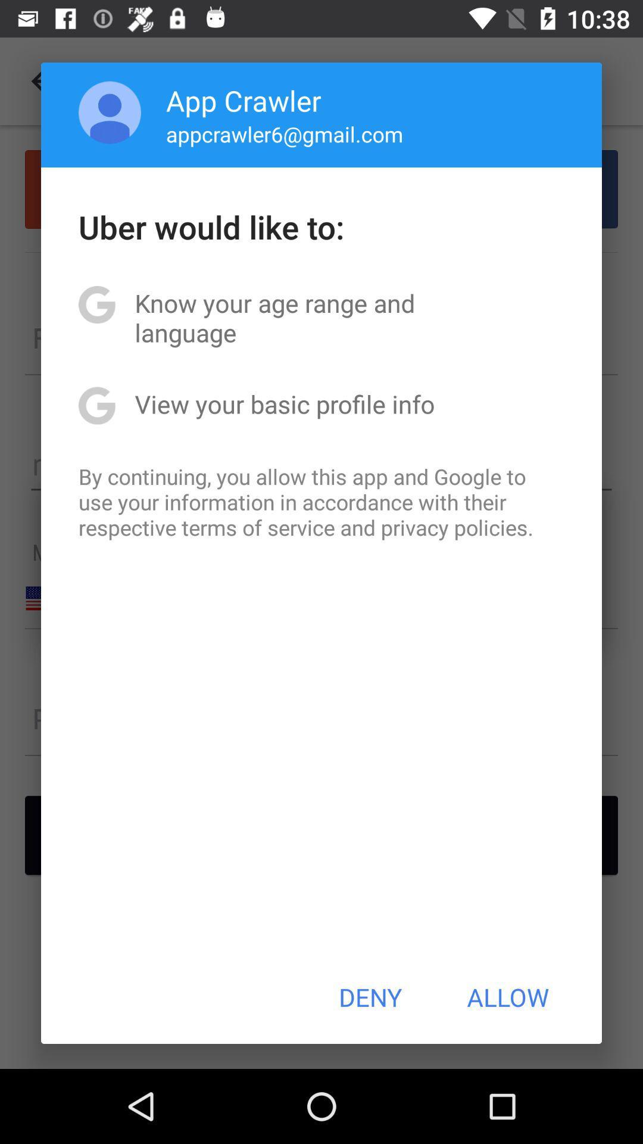 This screenshot has width=643, height=1144. What do you see at coordinates (243, 100) in the screenshot?
I see `the app crawler` at bounding box center [243, 100].